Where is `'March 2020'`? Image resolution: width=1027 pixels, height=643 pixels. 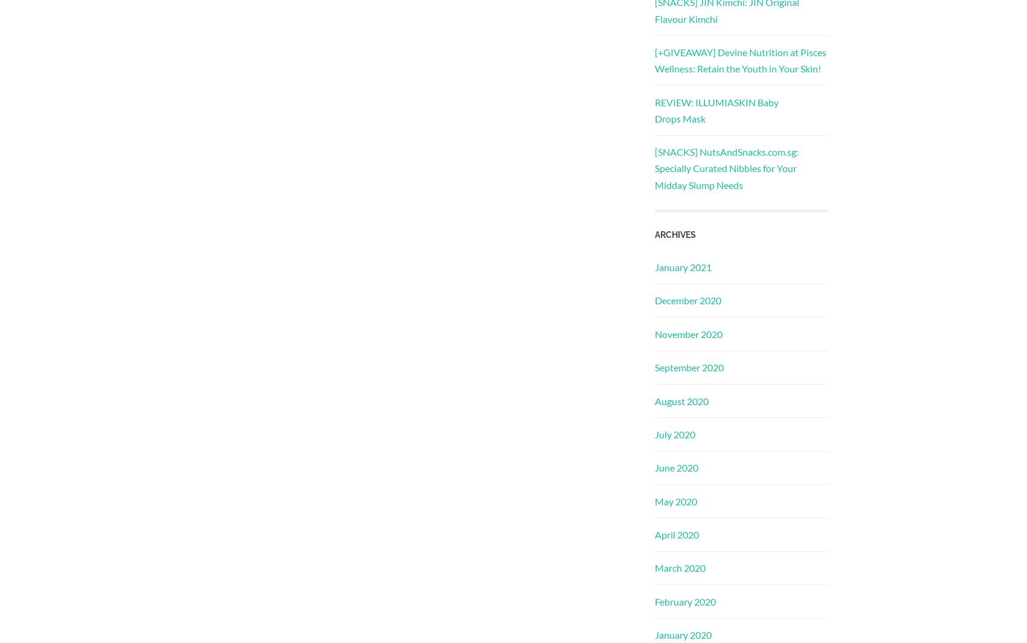
'March 2020' is located at coordinates (680, 568).